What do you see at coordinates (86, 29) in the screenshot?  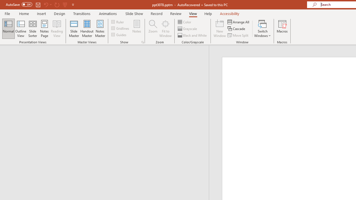 I see `'Handout Master'` at bounding box center [86, 29].